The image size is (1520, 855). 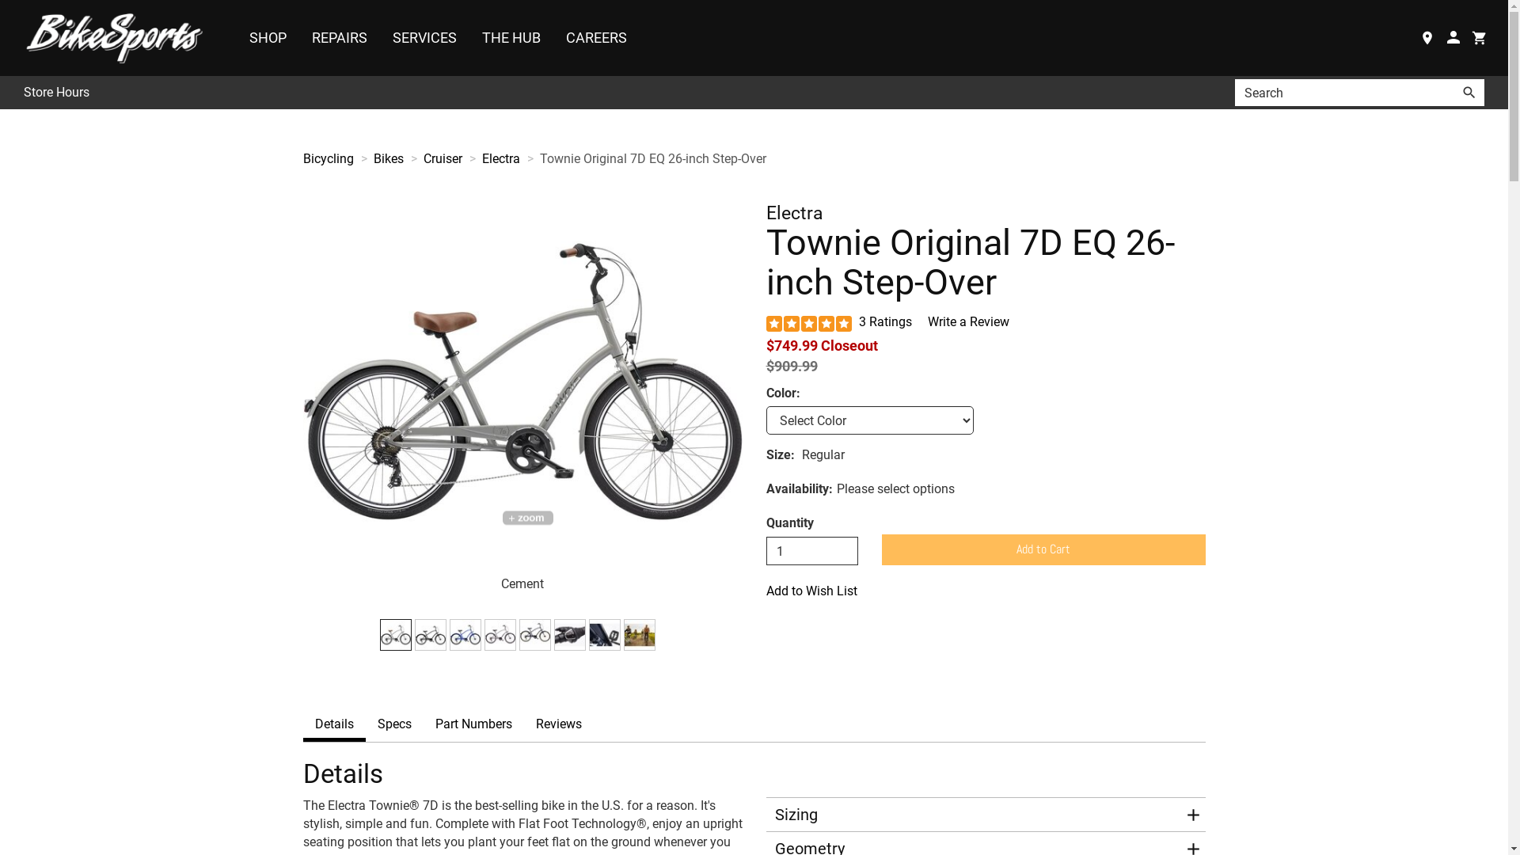 What do you see at coordinates (975, 815) in the screenshot?
I see `'Sizing'` at bounding box center [975, 815].